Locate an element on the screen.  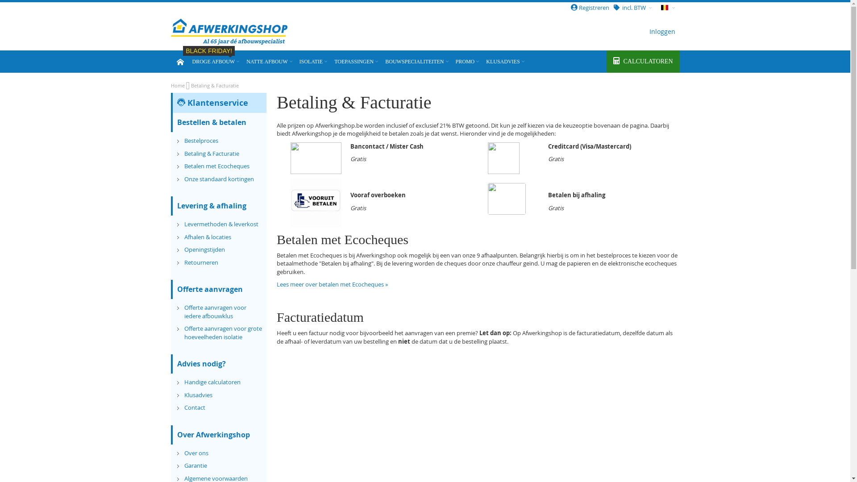
'KLUSADVIES' is located at coordinates (506, 61).